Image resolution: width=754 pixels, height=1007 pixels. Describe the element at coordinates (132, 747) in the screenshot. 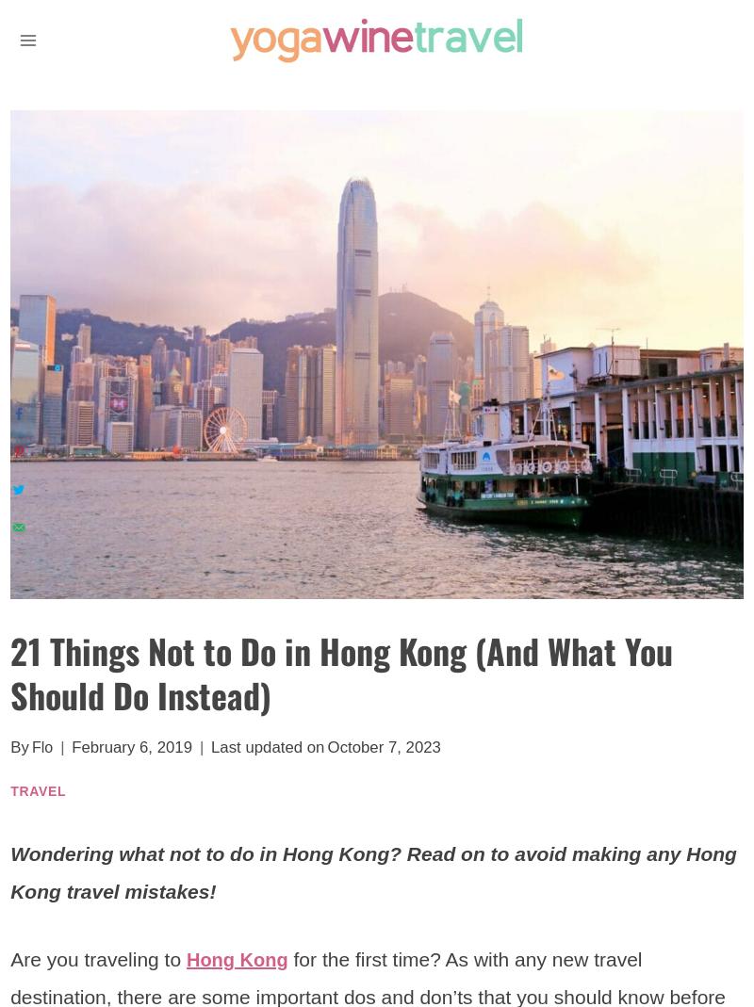

I see `'February 6, 2019'` at that location.